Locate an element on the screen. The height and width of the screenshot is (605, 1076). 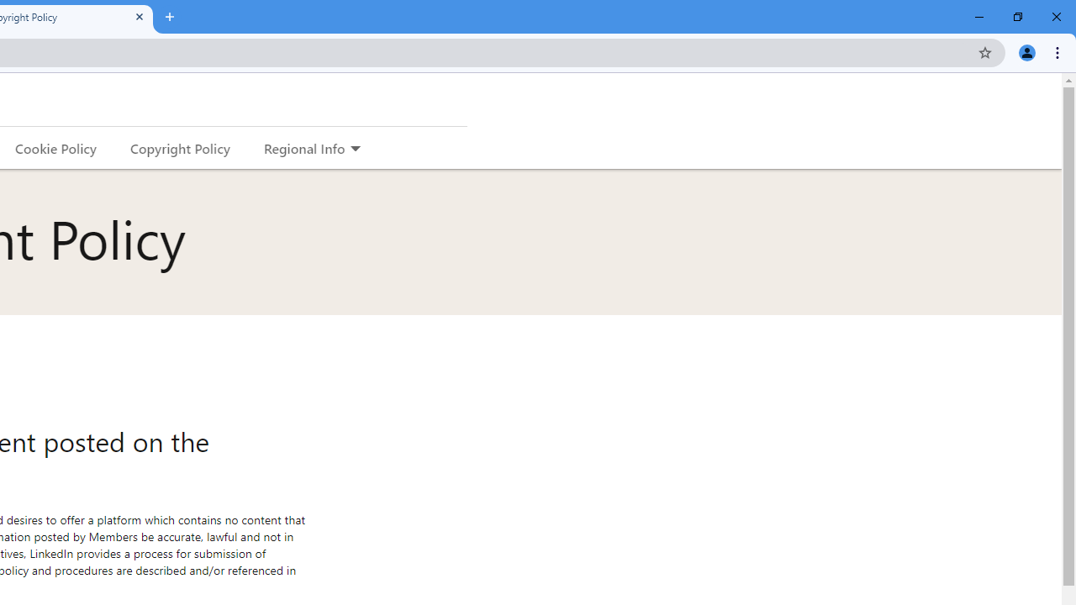
'Expand to show more links for Regional Info' is located at coordinates (354, 149).